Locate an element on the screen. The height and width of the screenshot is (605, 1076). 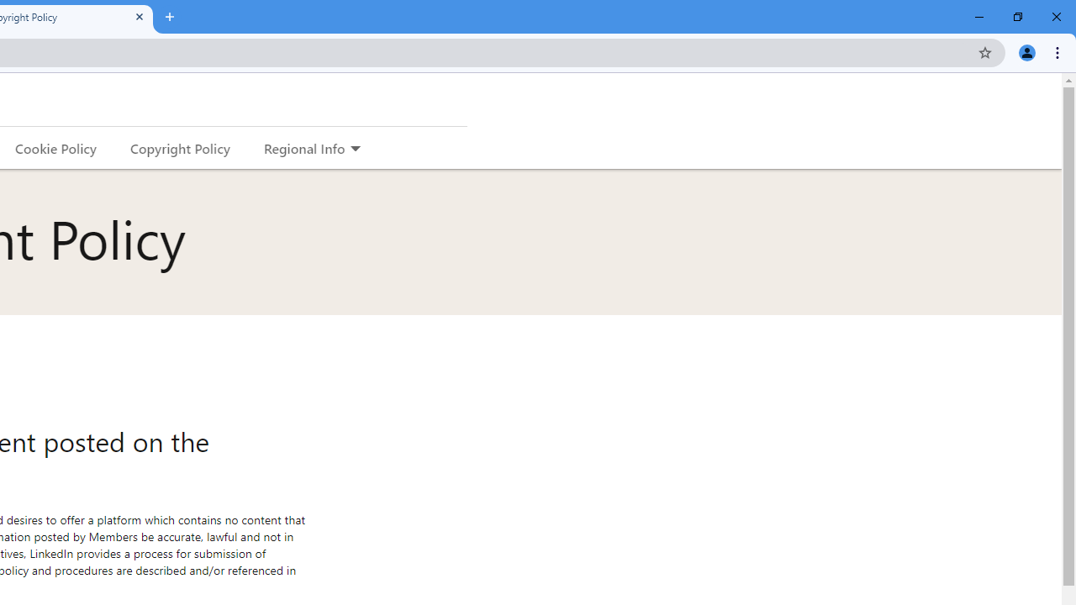
'Expand to show more links for Regional Info' is located at coordinates (354, 149).